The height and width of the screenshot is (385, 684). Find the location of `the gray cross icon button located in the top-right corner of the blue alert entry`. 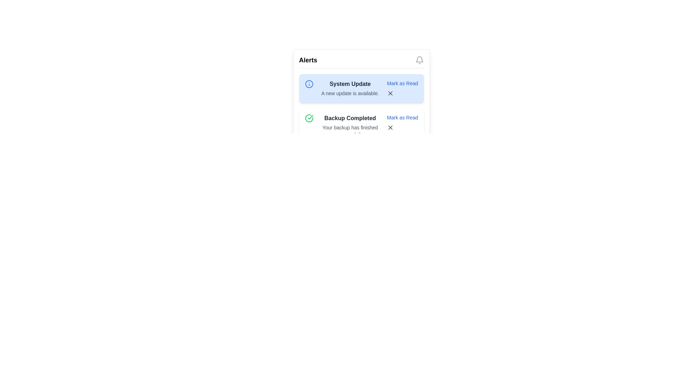

the gray cross icon button located in the top-right corner of the blue alert entry is located at coordinates (390, 93).